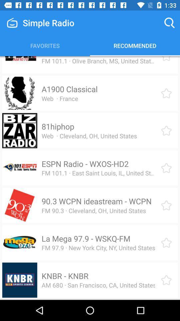 The height and width of the screenshot is (321, 180). Describe the element at coordinates (58, 126) in the screenshot. I see `the 81hiphop` at that location.